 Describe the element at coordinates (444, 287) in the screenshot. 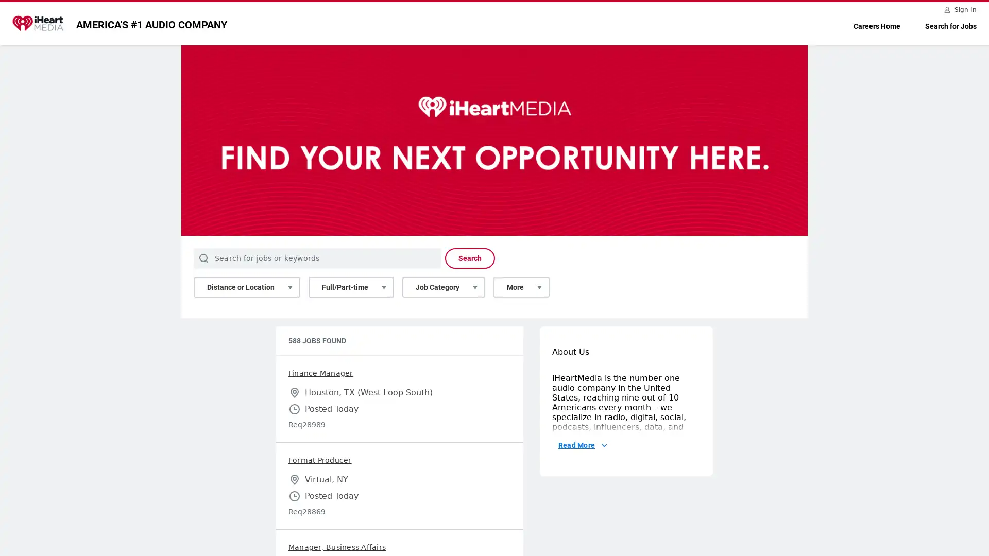

I see `Job Category` at that location.